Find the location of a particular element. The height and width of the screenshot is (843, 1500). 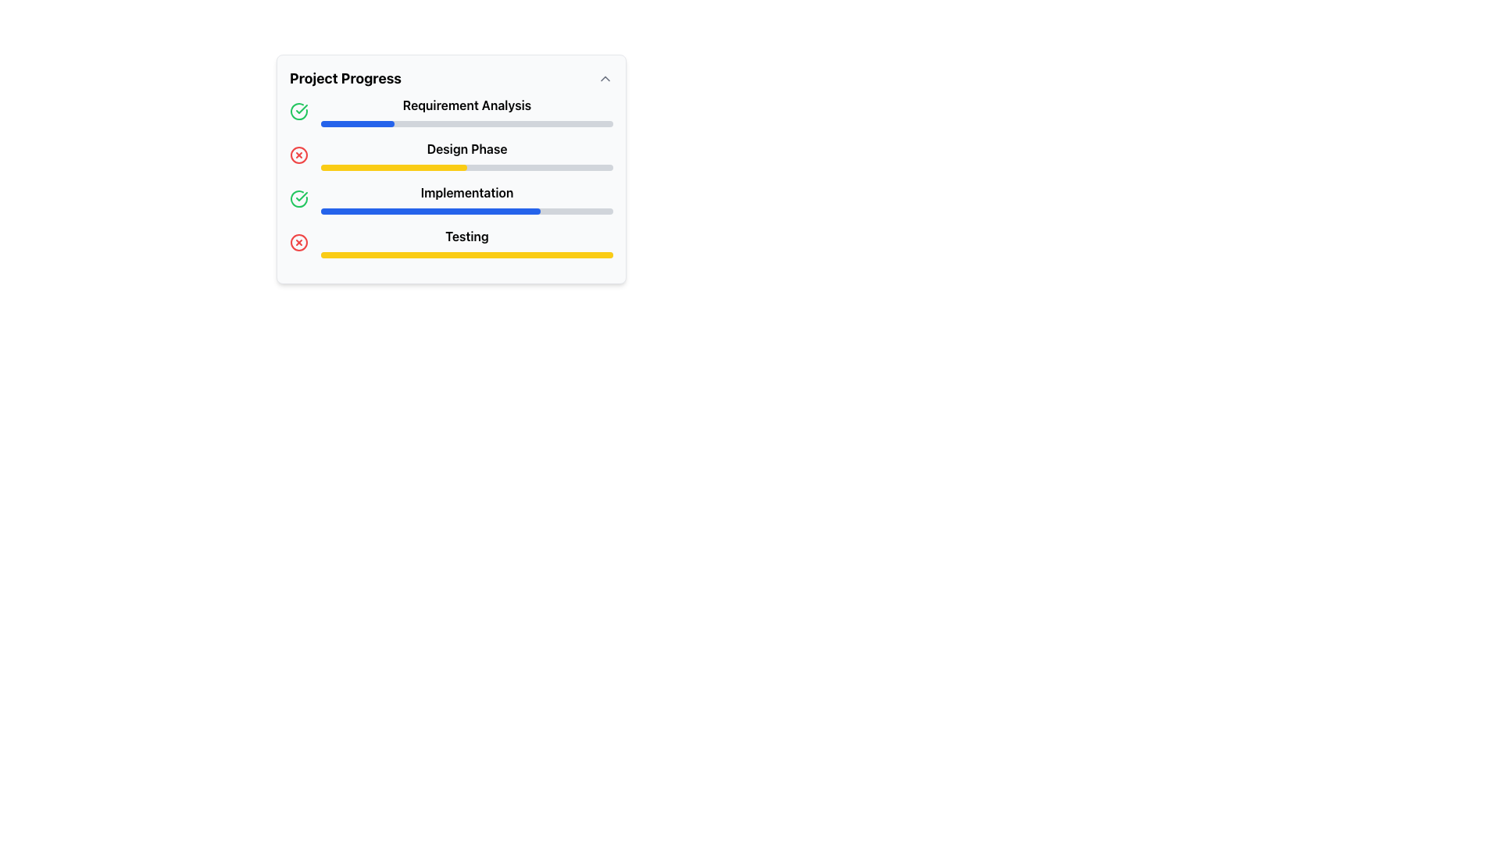

the Progress Bar indicating 50% completion of the 'Design Phase' tasks, which is a read-only indicator and not interactive is located at coordinates (394, 168).